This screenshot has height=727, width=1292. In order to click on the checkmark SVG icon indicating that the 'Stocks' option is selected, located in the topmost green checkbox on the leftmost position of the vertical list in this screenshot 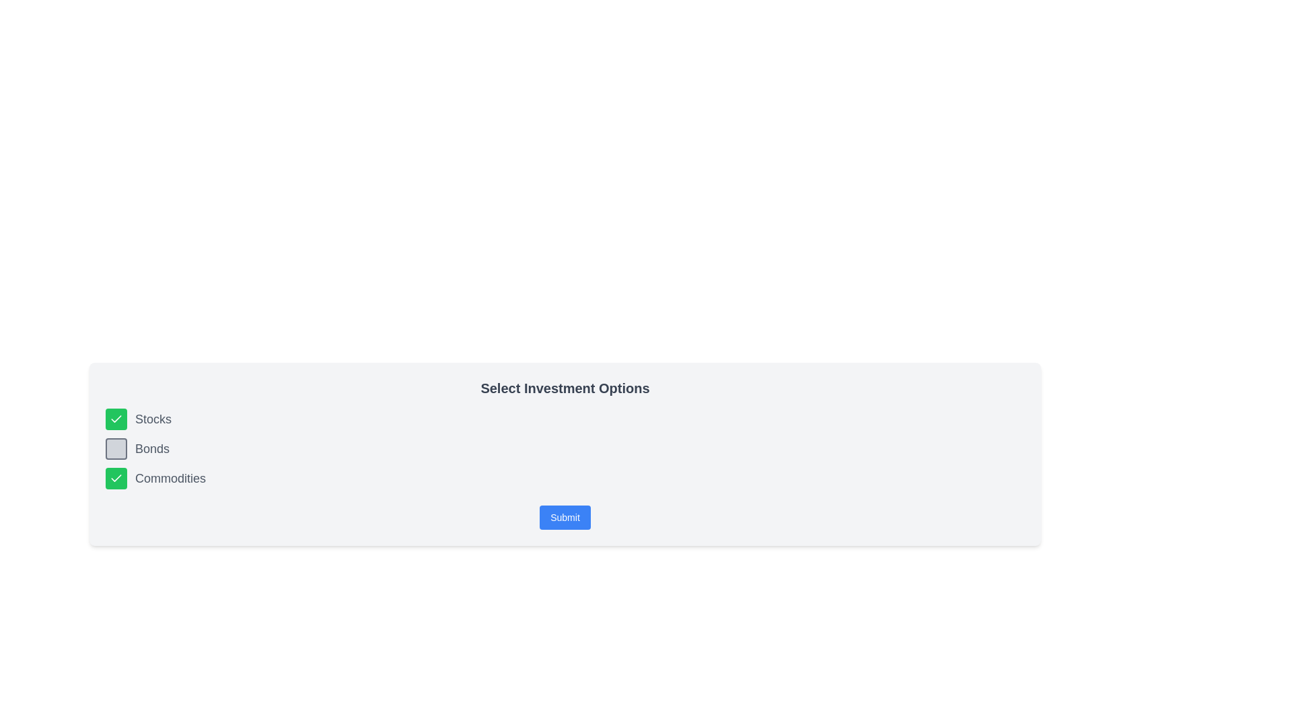, I will do `click(116, 417)`.